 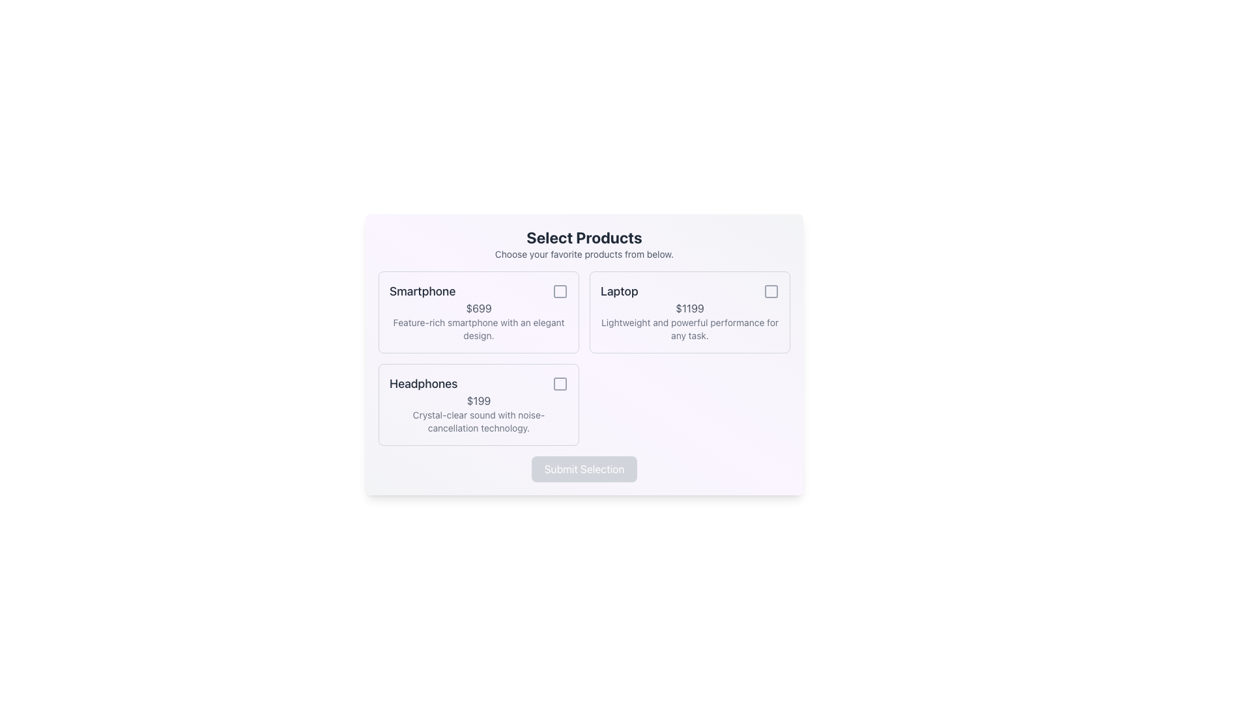 I want to click on the pricing detail text label for the headphones product, located beneath the 'Headphones' title and above the product description, so click(x=478, y=400).